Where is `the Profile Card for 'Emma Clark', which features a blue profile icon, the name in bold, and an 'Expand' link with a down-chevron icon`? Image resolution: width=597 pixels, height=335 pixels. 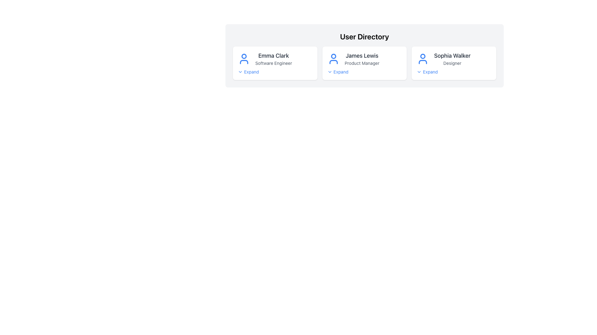 the Profile Card for 'Emma Clark', which features a blue profile icon, the name in bold, and an 'Expand' link with a down-chevron icon is located at coordinates (275, 63).